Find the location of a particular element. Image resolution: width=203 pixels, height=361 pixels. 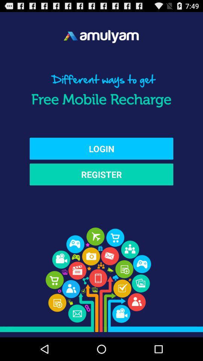

the register is located at coordinates (101, 174).